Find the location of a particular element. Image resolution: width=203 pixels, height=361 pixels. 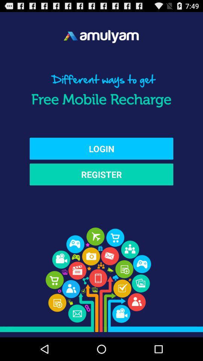

the register is located at coordinates (101, 174).